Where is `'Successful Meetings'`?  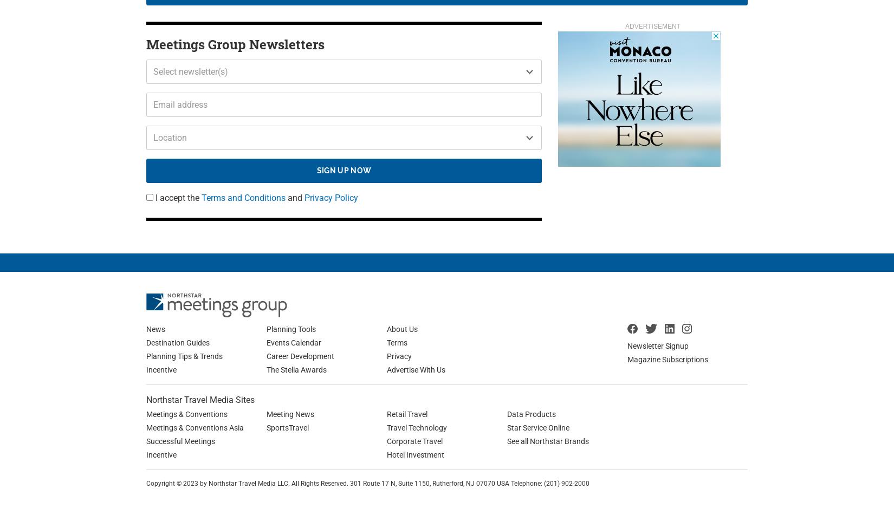 'Successful Meetings' is located at coordinates (180, 441).